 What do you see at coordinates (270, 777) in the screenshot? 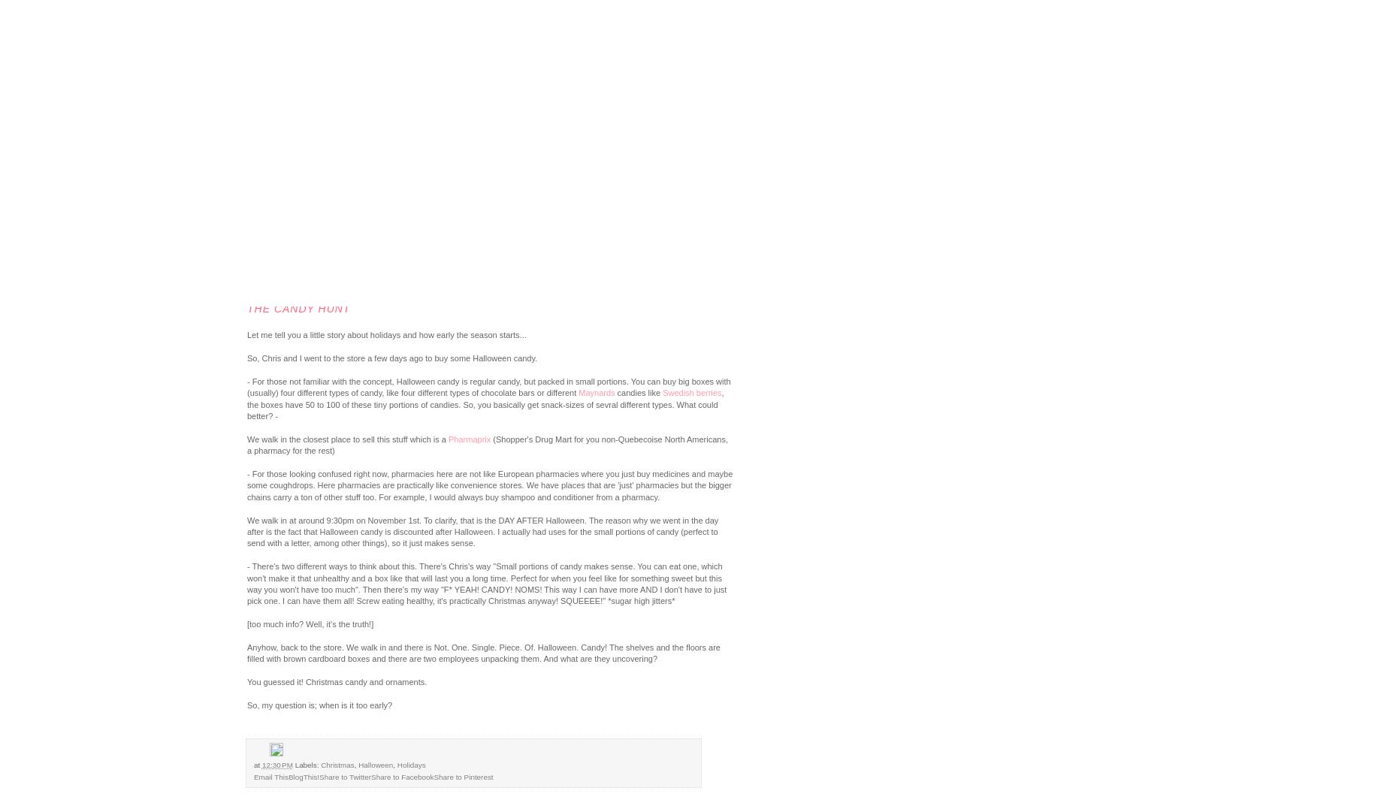
I see `'Email This'` at bounding box center [270, 777].